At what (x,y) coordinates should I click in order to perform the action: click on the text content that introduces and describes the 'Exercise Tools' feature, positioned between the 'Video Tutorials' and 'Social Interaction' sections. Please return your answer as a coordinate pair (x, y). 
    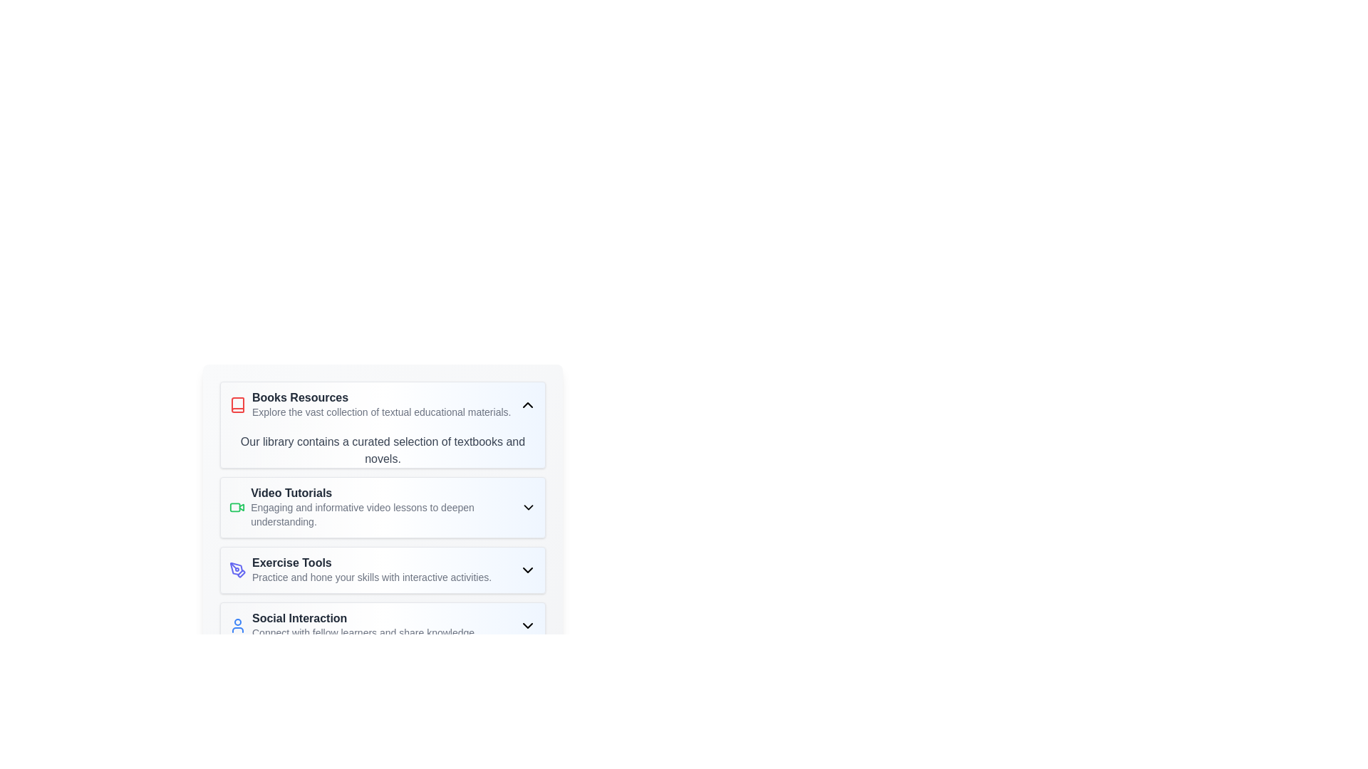
    Looking at the image, I should click on (372, 570).